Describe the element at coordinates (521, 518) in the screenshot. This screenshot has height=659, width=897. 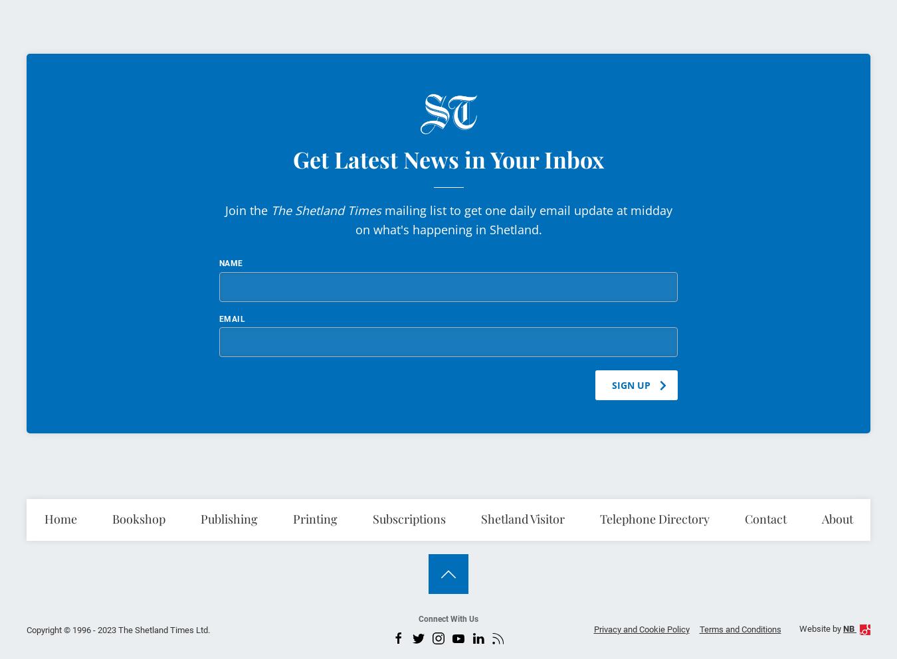
I see `'Shetland Visitor'` at that location.